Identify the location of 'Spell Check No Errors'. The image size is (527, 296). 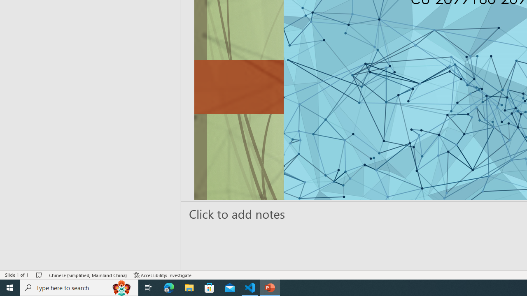
(39, 275).